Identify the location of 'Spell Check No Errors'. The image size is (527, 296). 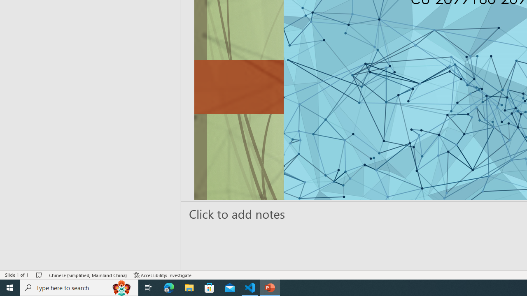
(39, 275).